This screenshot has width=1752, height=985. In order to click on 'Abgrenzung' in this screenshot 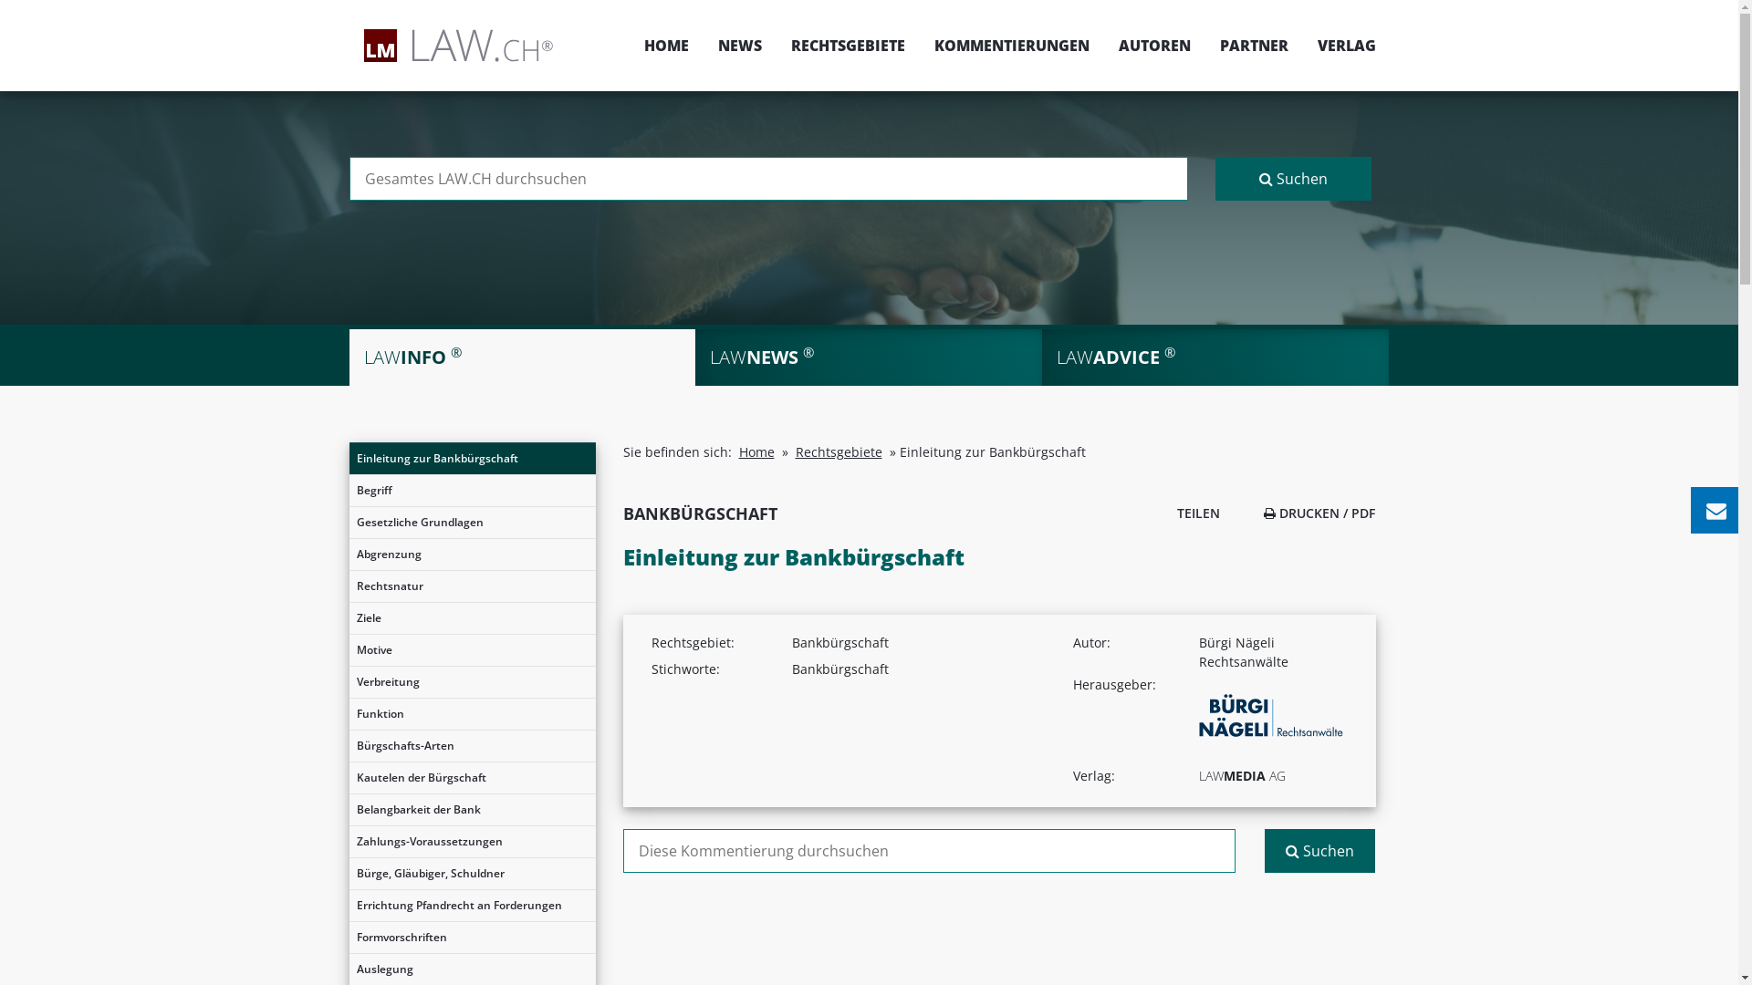, I will do `click(349, 554)`.